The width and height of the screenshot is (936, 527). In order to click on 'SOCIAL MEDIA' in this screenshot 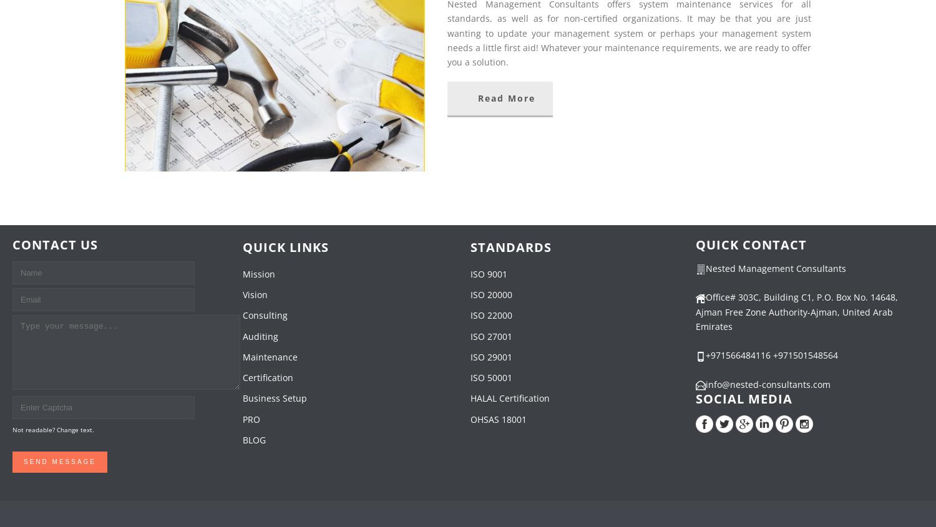, I will do `click(695, 399)`.